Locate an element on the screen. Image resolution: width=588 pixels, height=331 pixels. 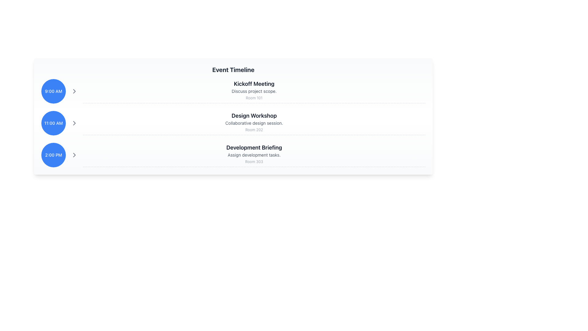
the chevron-shaped icon pointing rightwards that is located to the right of the blue circle containing '11:00 AM' is located at coordinates (74, 123).